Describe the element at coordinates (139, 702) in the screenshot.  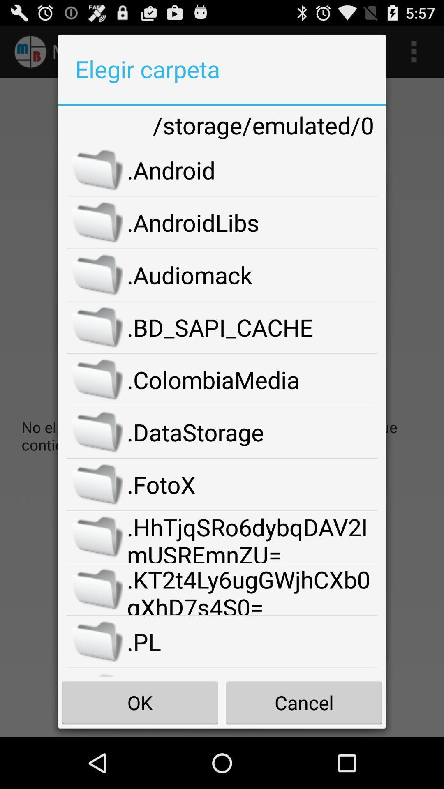
I see `the icon to the left of cancel button` at that location.